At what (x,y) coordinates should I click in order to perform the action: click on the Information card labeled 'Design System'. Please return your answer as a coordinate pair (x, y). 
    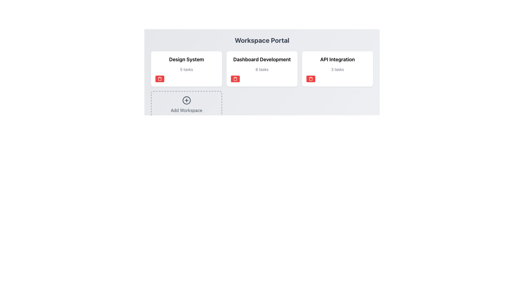
    Looking at the image, I should click on (186, 69).